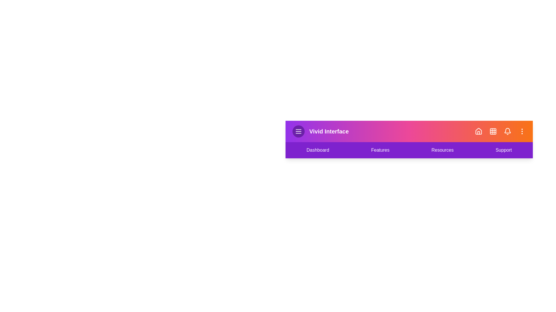 The image size is (556, 312). I want to click on the menu icon to toggle the menu visibility, so click(299, 131).